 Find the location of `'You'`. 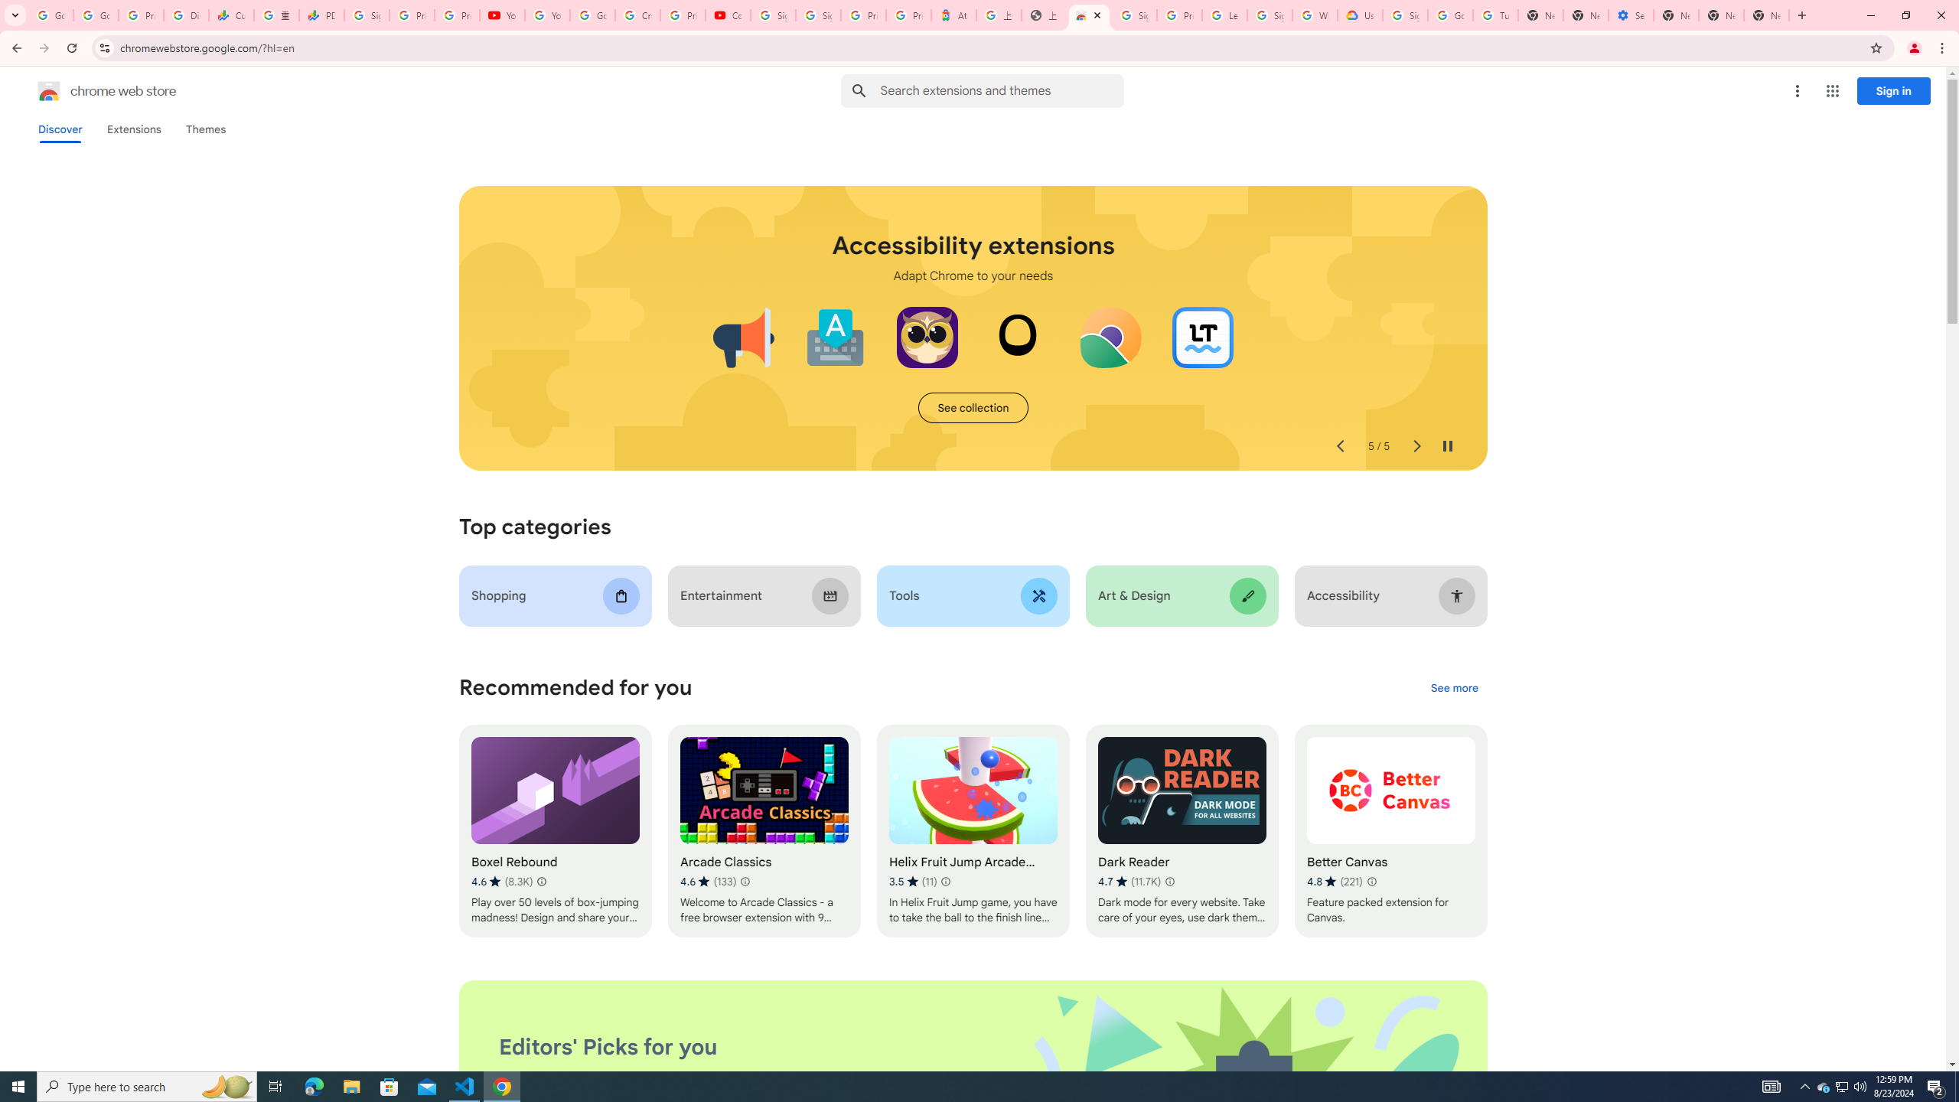

'You' is located at coordinates (1915, 47).